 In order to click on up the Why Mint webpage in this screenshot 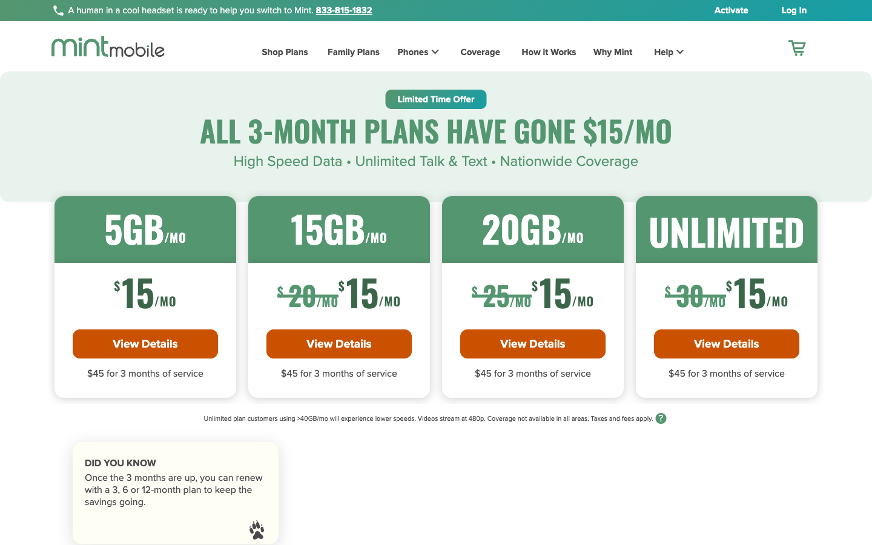, I will do `click(604, 53)`.